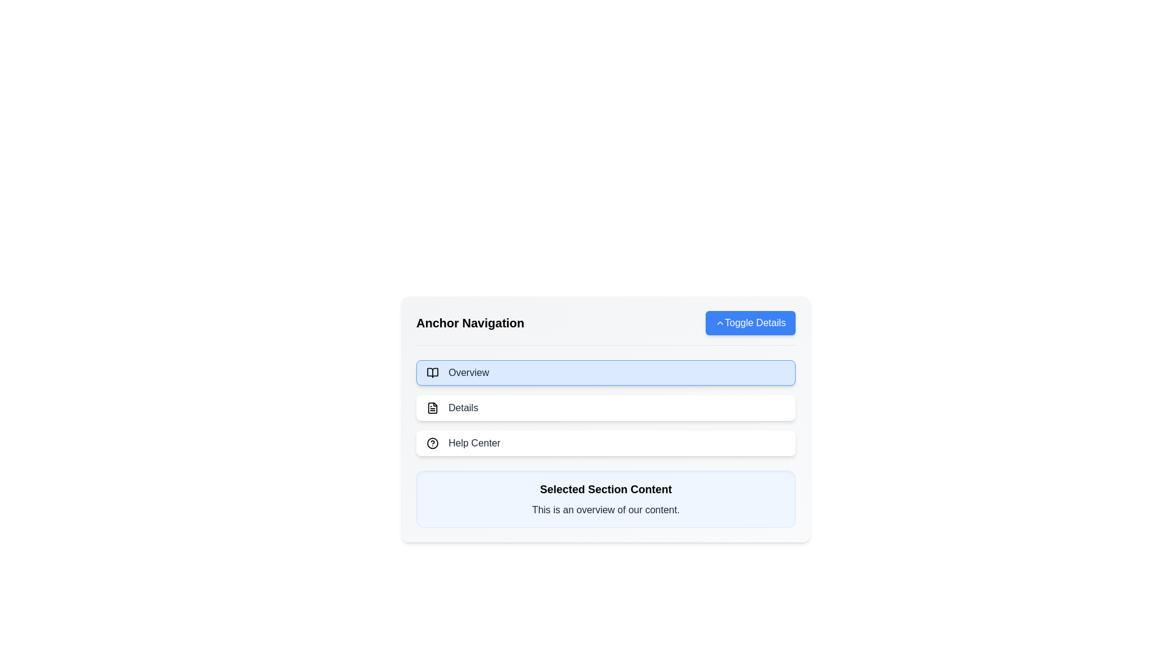 The width and height of the screenshot is (1167, 656). Describe the element at coordinates (720, 323) in the screenshot. I see `the 'Toggle Details' button which contains the upward-facing chevron icon` at that location.